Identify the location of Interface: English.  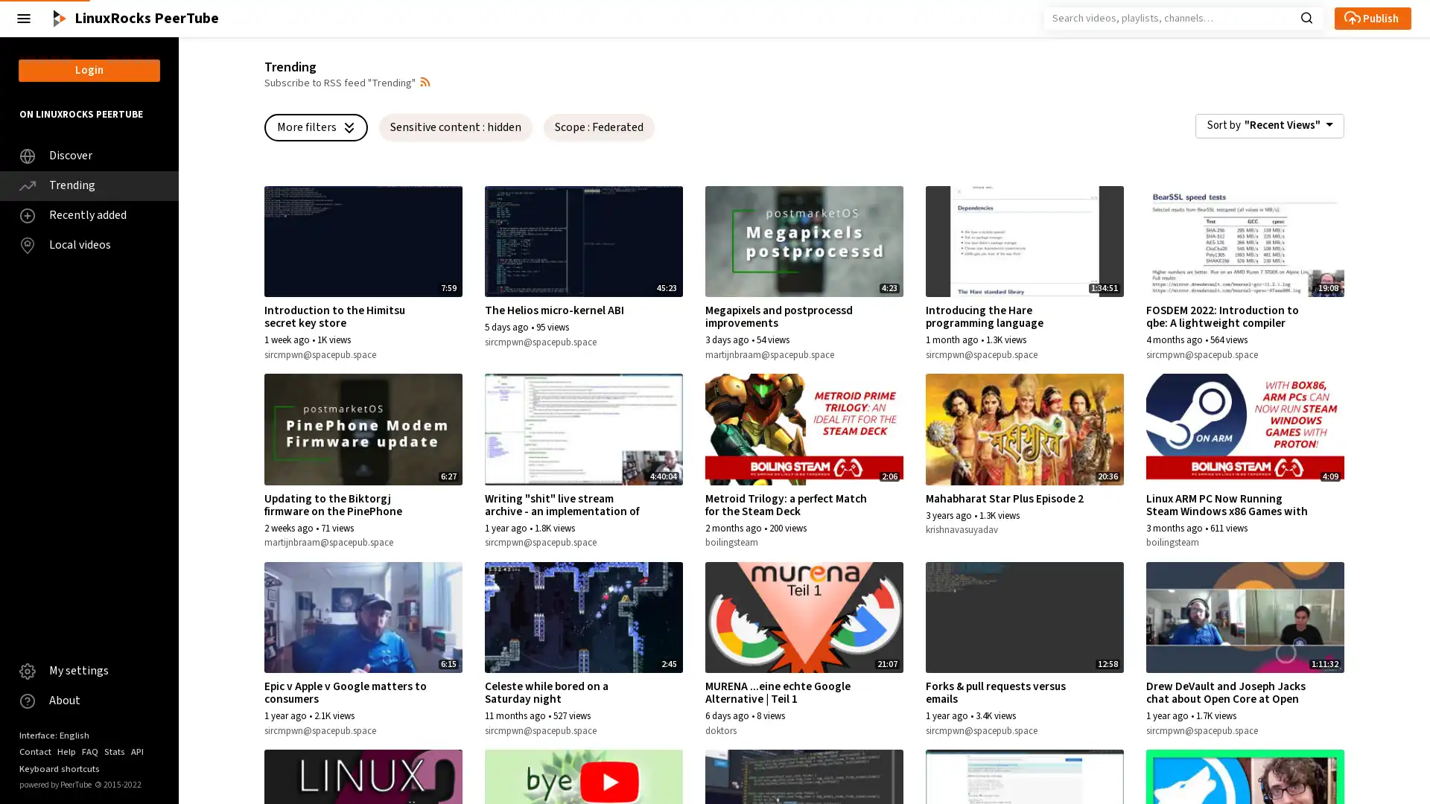
(54, 734).